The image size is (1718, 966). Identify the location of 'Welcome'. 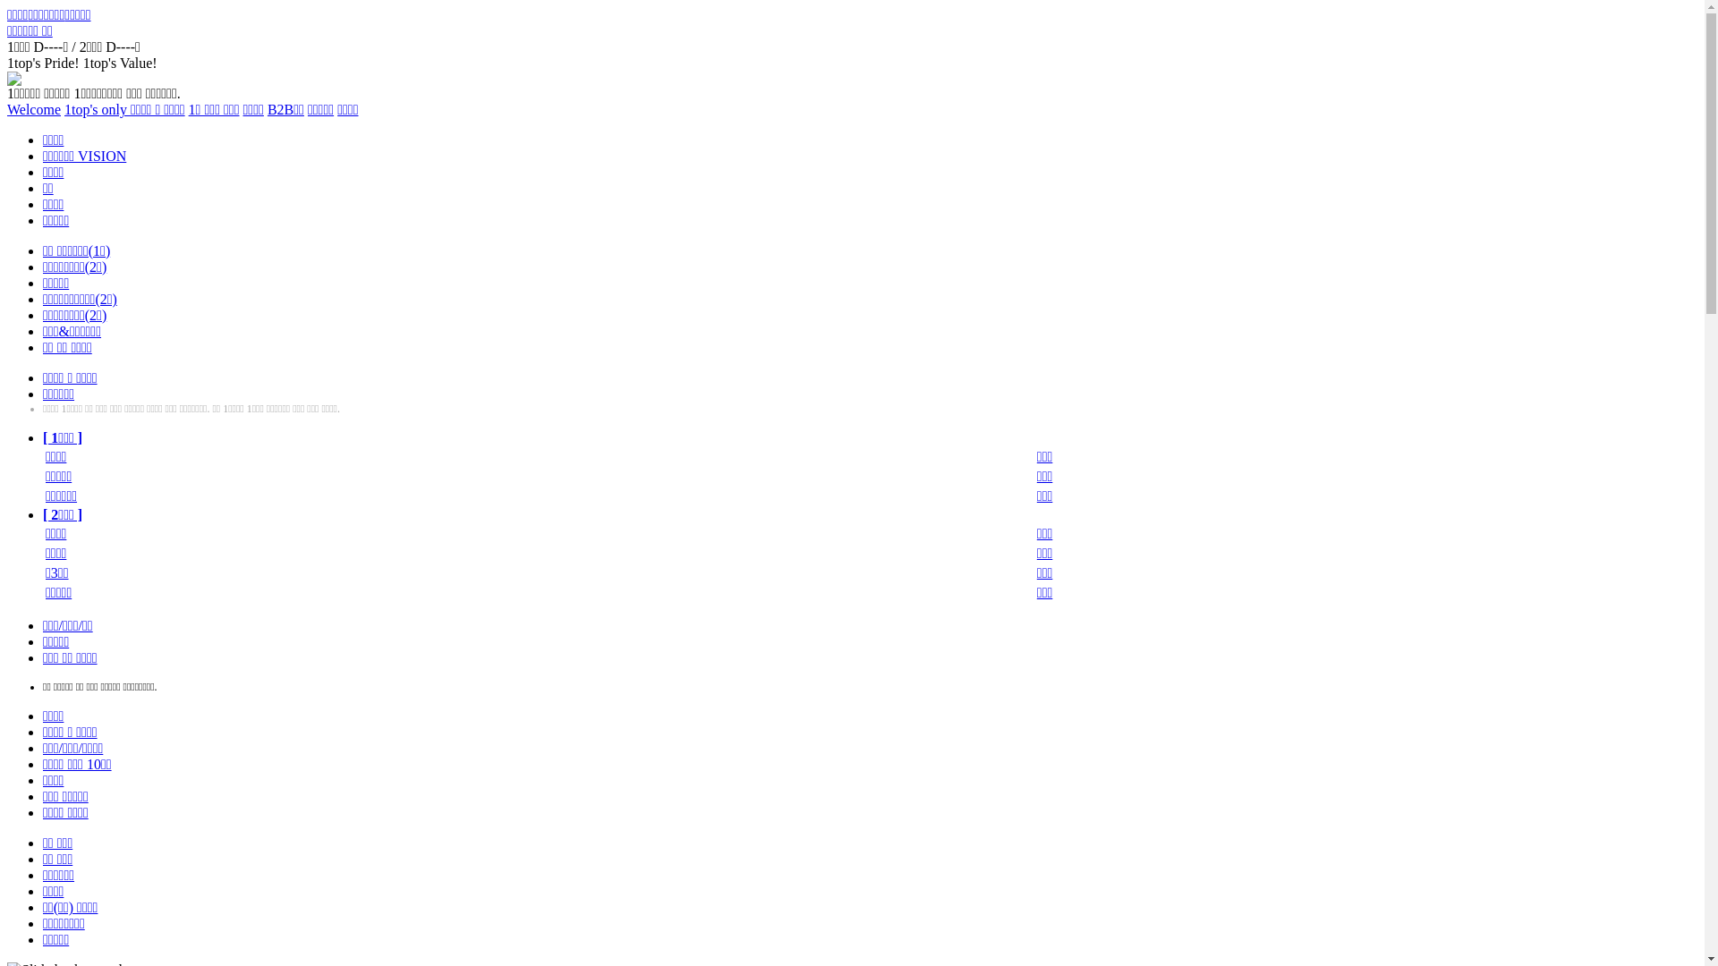
(7, 109).